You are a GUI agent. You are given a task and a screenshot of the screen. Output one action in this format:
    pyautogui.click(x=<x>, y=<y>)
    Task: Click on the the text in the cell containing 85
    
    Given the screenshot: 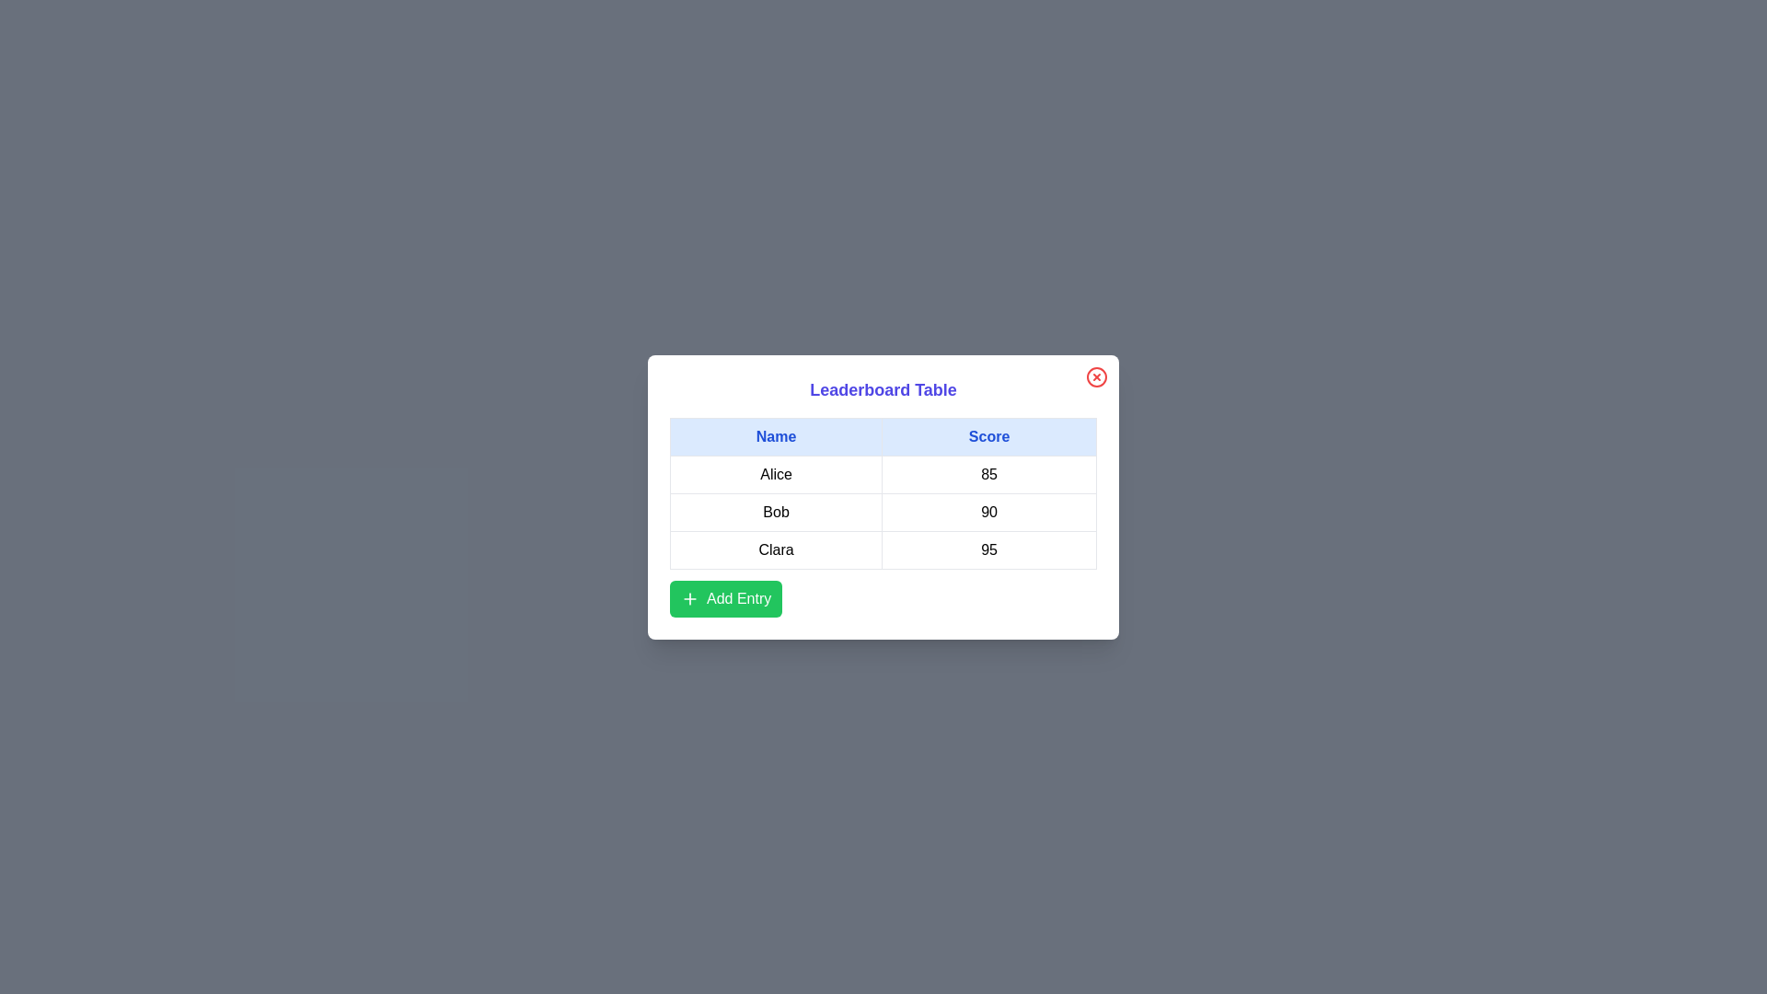 What is the action you would take?
    pyautogui.click(x=988, y=473)
    